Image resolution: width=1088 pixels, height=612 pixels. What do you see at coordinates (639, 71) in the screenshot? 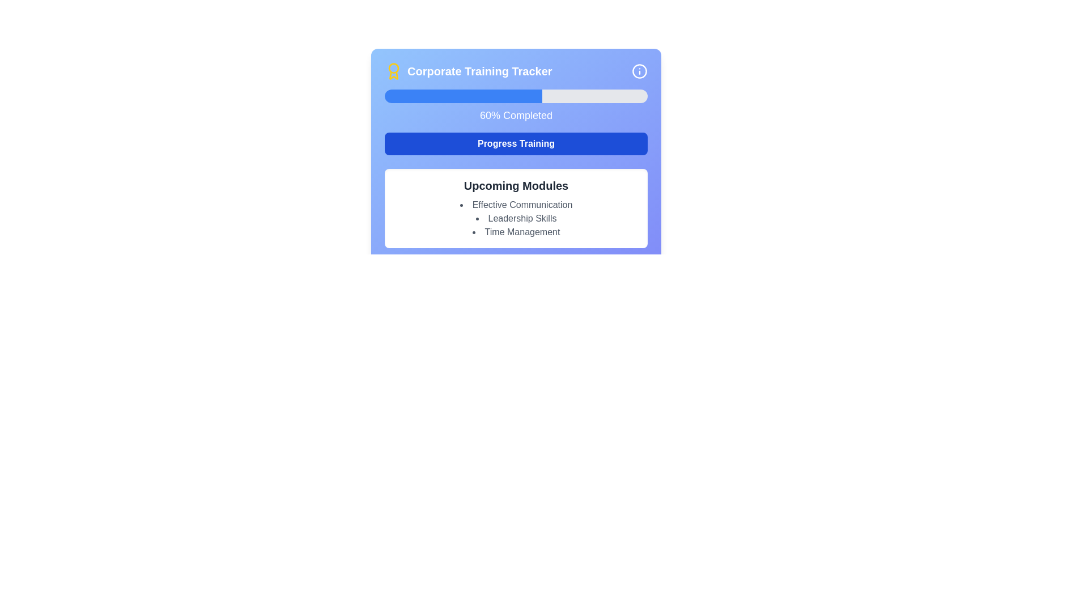
I see `the help icon located in the top-right corner adjacent to the 'Corporate Training Tracker' title` at bounding box center [639, 71].